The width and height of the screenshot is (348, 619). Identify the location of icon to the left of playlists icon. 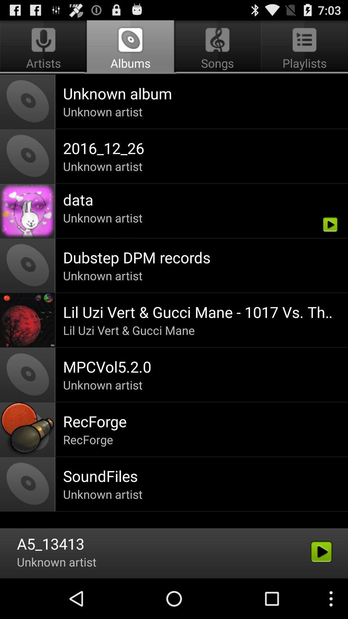
(130, 47).